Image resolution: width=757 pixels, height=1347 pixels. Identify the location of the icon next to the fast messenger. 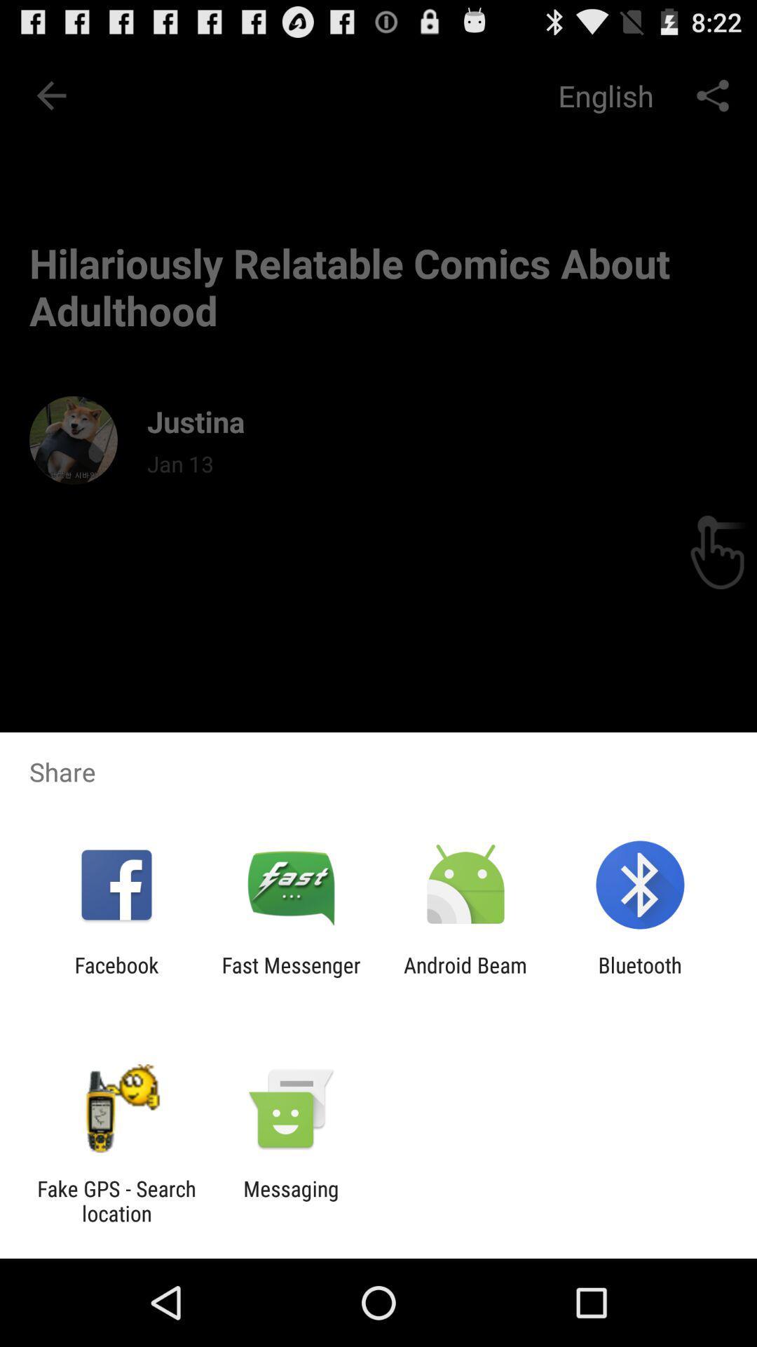
(116, 977).